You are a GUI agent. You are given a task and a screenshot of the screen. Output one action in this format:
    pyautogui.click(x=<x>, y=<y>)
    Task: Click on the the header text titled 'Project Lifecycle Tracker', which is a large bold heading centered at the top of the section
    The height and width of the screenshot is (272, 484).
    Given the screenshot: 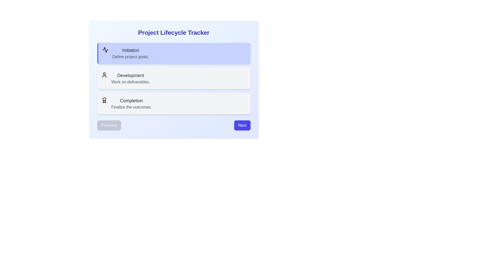 What is the action you would take?
    pyautogui.click(x=174, y=33)
    